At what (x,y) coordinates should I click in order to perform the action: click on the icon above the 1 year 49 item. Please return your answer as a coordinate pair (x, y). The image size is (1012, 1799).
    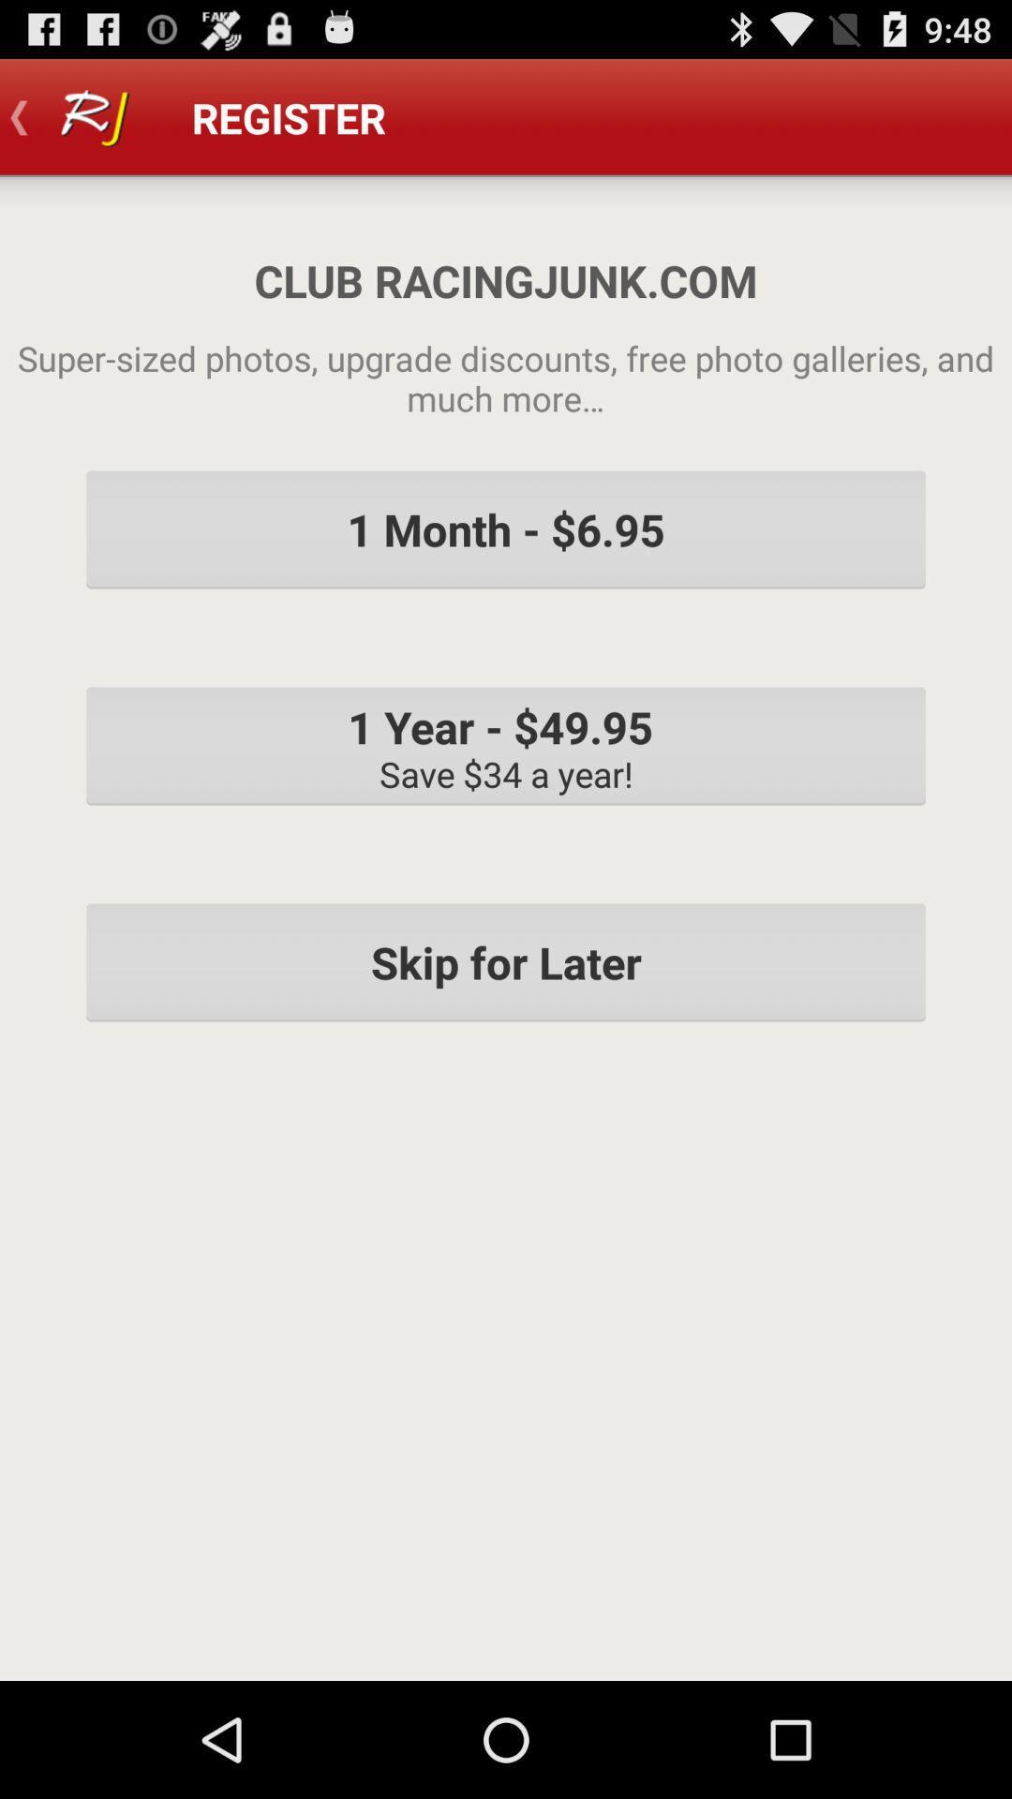
    Looking at the image, I should click on (506, 528).